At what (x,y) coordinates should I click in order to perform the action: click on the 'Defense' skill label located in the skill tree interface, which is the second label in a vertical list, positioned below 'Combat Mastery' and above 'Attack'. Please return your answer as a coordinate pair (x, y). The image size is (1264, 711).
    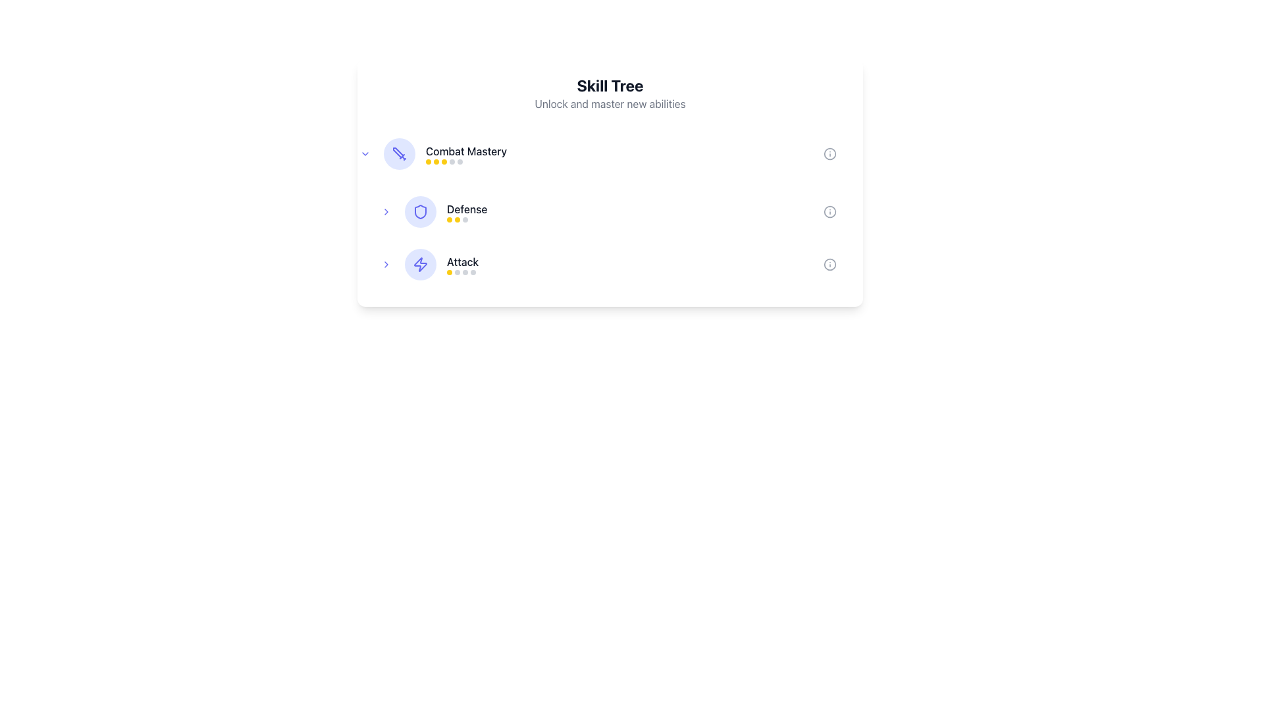
    Looking at the image, I should click on (467, 208).